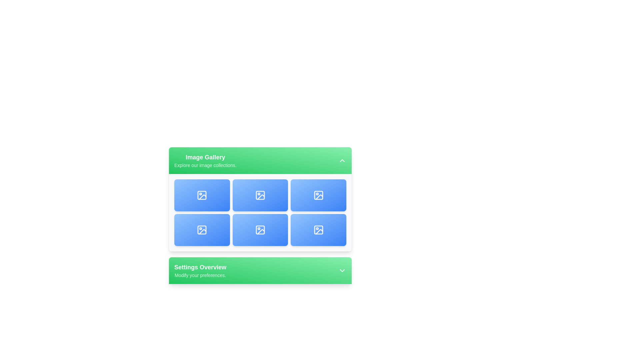  What do you see at coordinates (202, 195) in the screenshot?
I see `the SVG rectangle element located within the first item of the grid layout under the 'Image Gallery' section` at bounding box center [202, 195].